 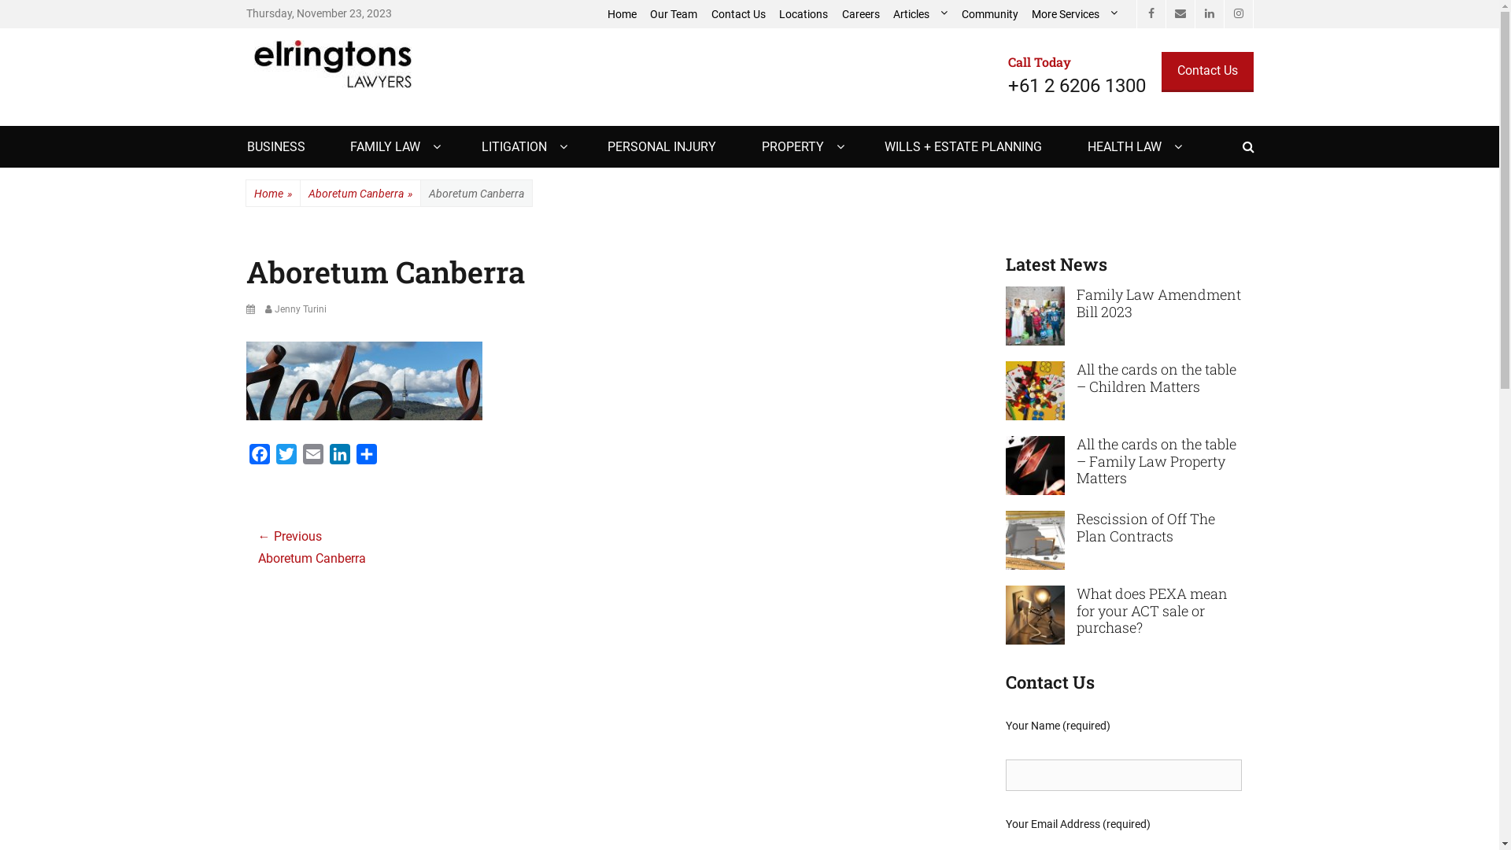 I want to click on 'BUSINESS', so click(x=275, y=146).